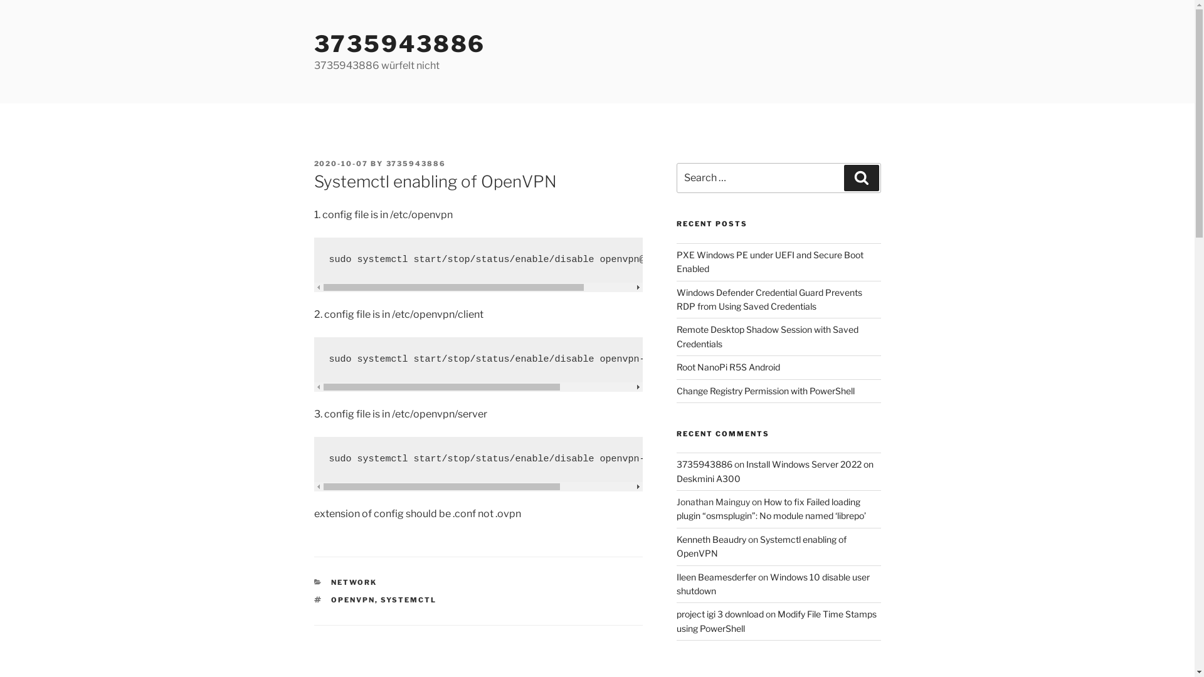 The image size is (1204, 677). Describe the element at coordinates (353, 582) in the screenshot. I see `'NETWORK'` at that location.